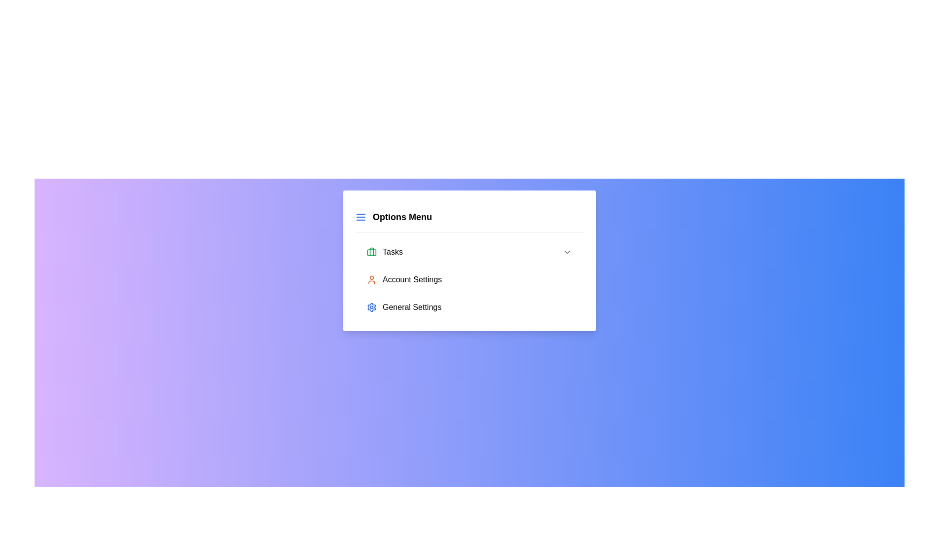 The width and height of the screenshot is (948, 533). What do you see at coordinates (469, 280) in the screenshot?
I see `the second menu item in the navigation list, which is positioned below the 'Tasks' item and above the 'General Settings' item` at bounding box center [469, 280].